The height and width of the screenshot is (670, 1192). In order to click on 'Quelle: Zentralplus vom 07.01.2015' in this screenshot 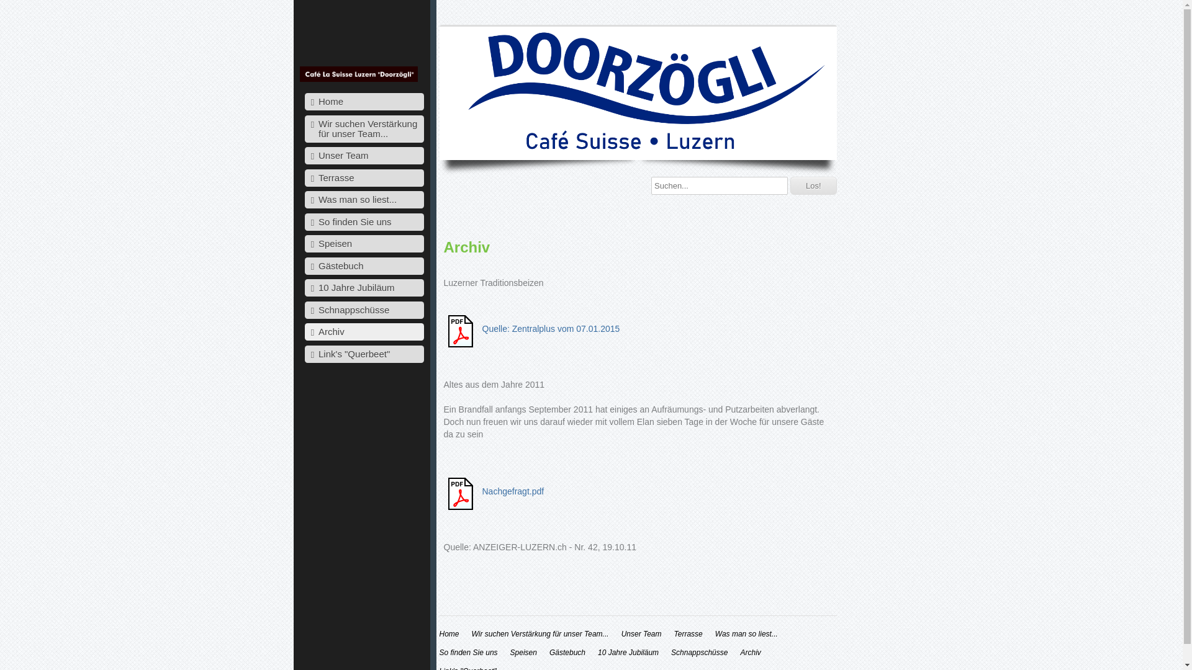, I will do `click(550, 328)`.